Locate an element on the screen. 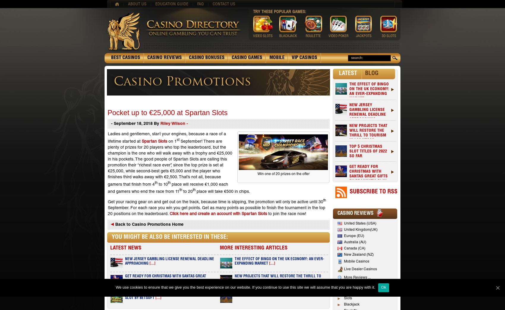 The height and width of the screenshot is (310, 505). 'Ok' is located at coordinates (384, 287).